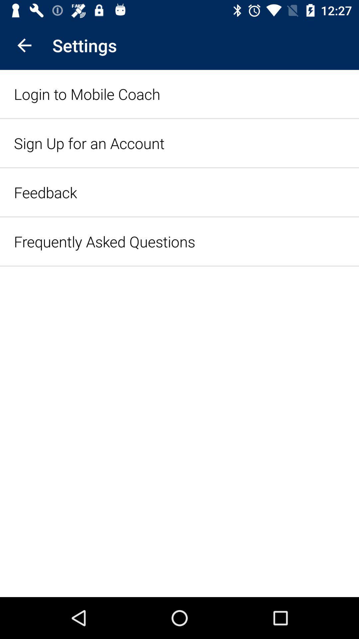  Describe the element at coordinates (45, 192) in the screenshot. I see `feedback icon` at that location.